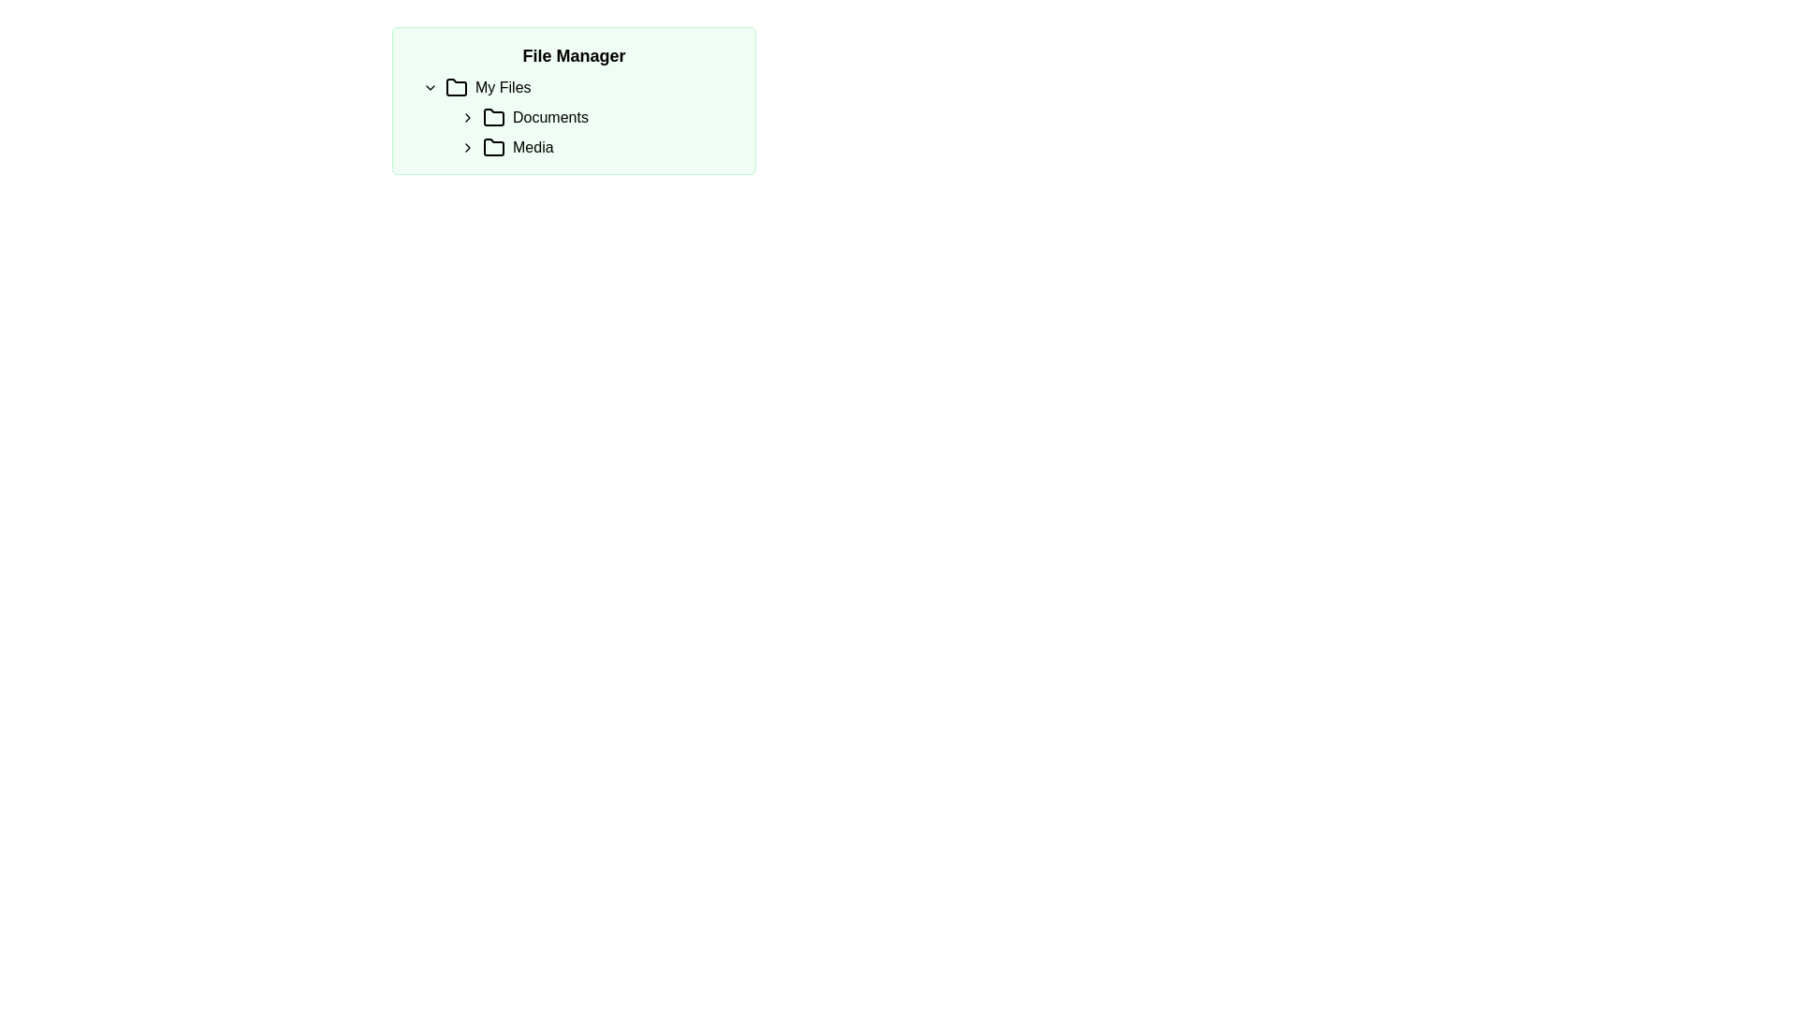  Describe the element at coordinates (494, 146) in the screenshot. I see `the 'Media' folder icon in the directory-tree section of the file manager` at that location.